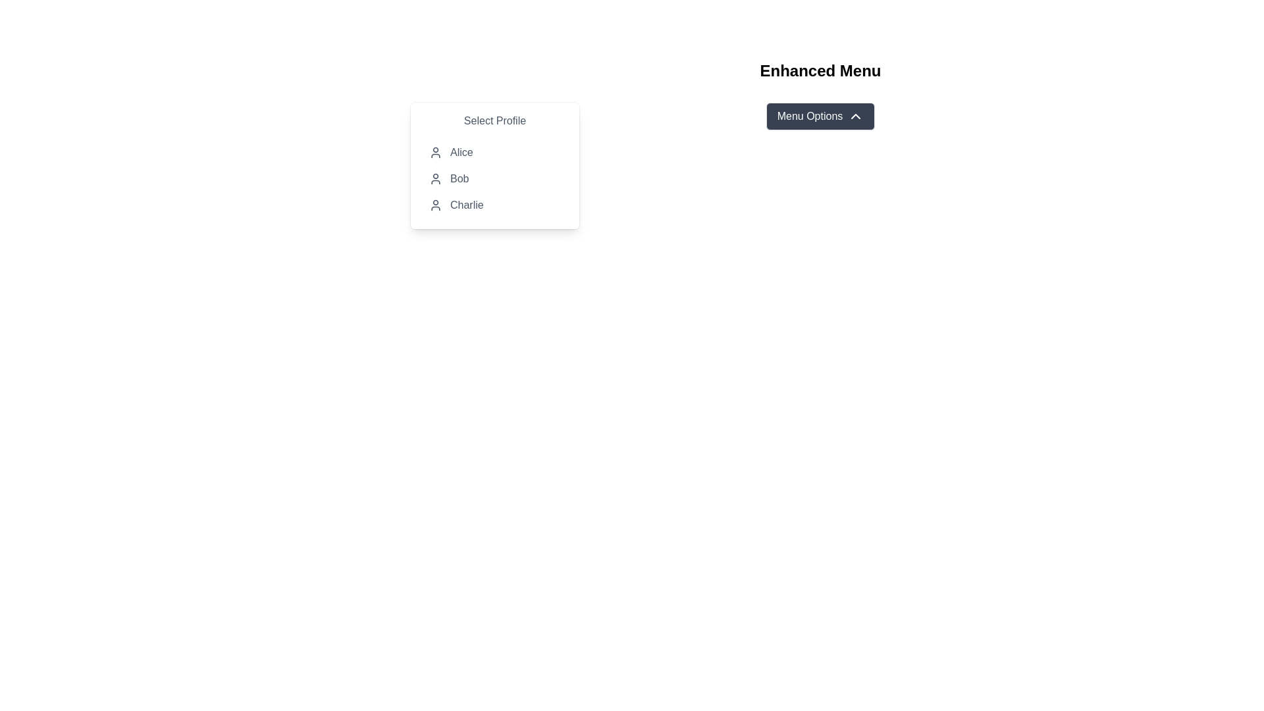  What do you see at coordinates (436, 205) in the screenshot?
I see `the 'Charlie' user profile icon, which is the third icon in the vertical stack of user options in the dropdown menu` at bounding box center [436, 205].